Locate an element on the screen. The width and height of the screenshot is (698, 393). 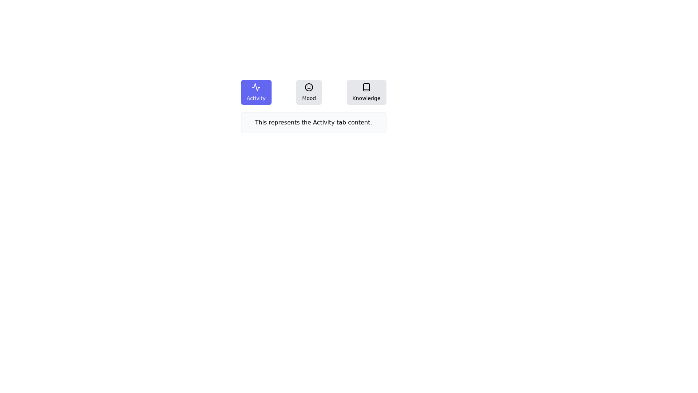
the 'Knowledge' button, which is the third item in a navigation menu is located at coordinates (366, 92).